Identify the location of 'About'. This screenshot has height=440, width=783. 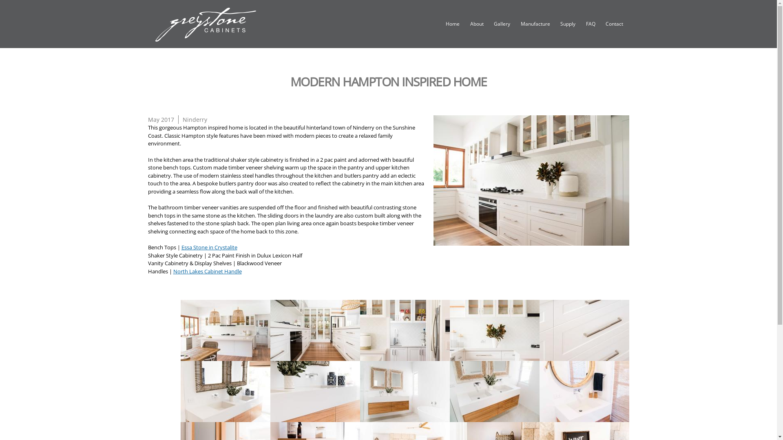
(477, 24).